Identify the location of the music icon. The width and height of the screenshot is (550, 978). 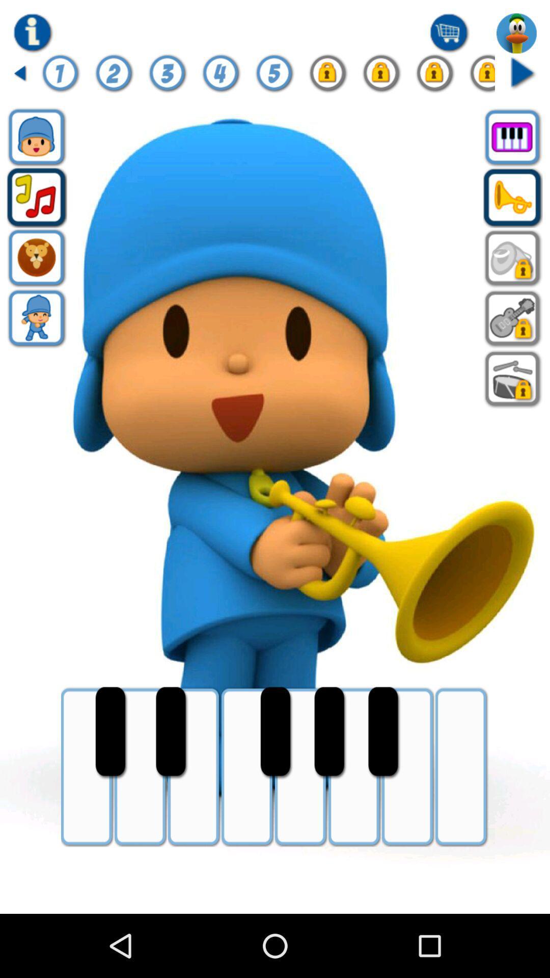
(36, 211).